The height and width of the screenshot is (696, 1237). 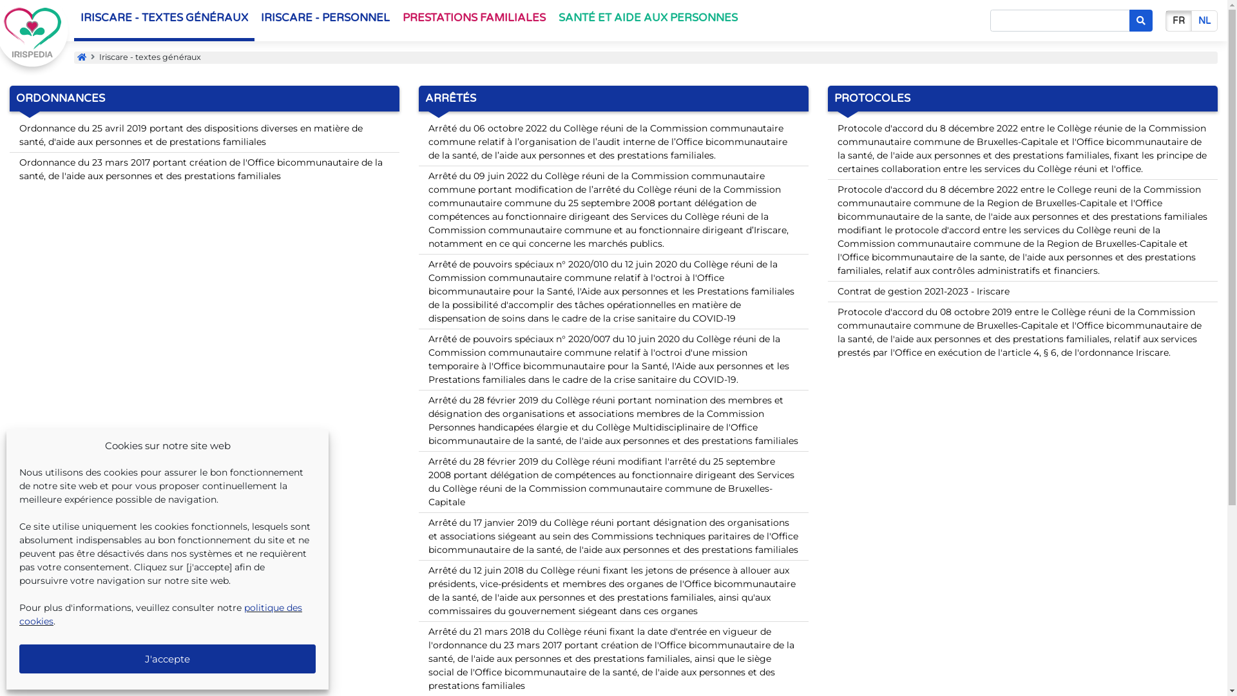 What do you see at coordinates (1022, 291) in the screenshot?
I see `'Contrat de gestion 2021-2023 - Iriscare'` at bounding box center [1022, 291].